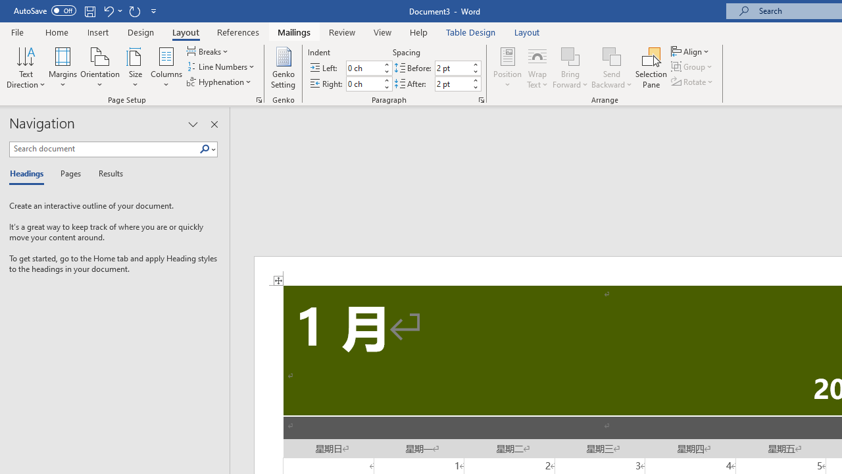 The width and height of the screenshot is (842, 474). Describe the element at coordinates (154, 11) in the screenshot. I see `'Customize Quick Access Toolbar'` at that location.